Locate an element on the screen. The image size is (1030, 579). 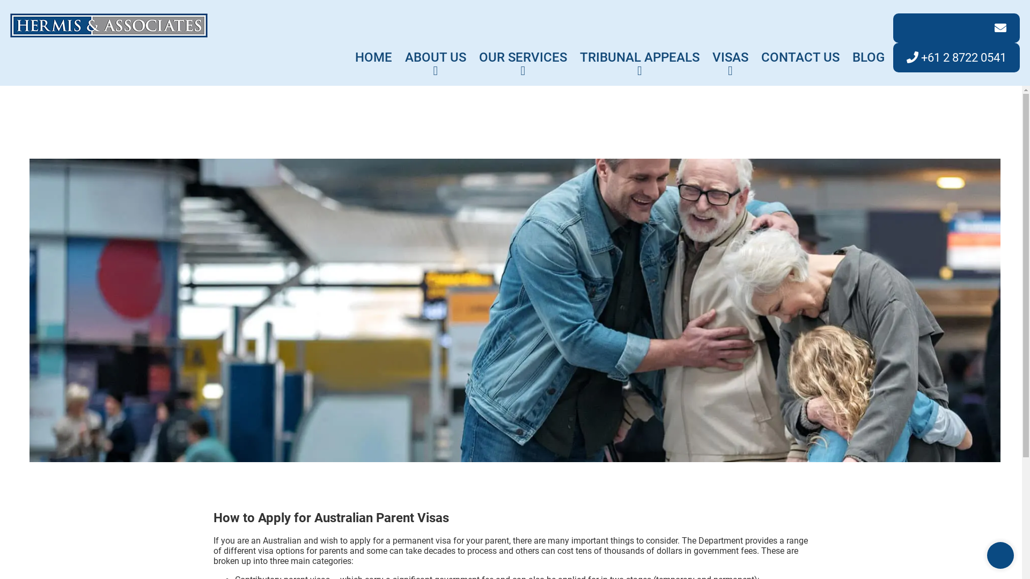
'VISAS' is located at coordinates (730, 51).